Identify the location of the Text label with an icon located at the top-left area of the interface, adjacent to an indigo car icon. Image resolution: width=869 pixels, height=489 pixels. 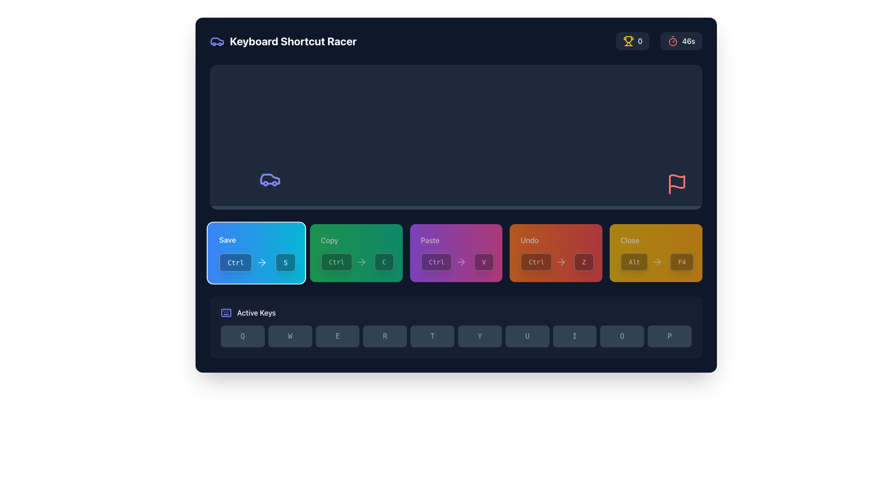
(283, 41).